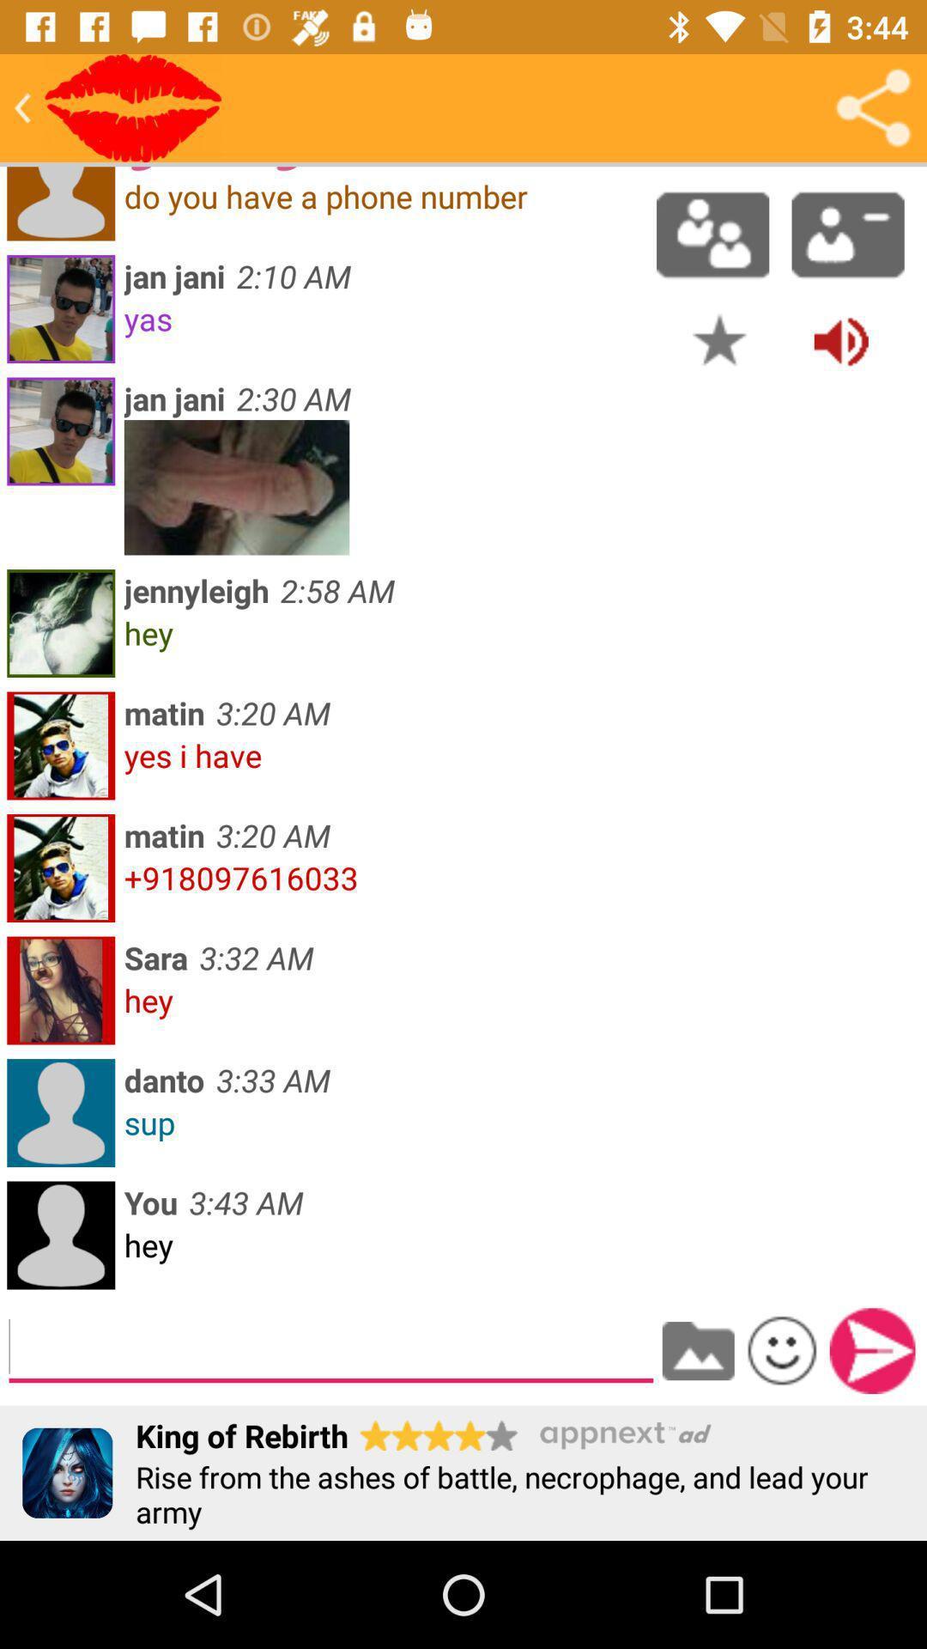  What do you see at coordinates (847, 234) in the screenshot?
I see `remove contact` at bounding box center [847, 234].